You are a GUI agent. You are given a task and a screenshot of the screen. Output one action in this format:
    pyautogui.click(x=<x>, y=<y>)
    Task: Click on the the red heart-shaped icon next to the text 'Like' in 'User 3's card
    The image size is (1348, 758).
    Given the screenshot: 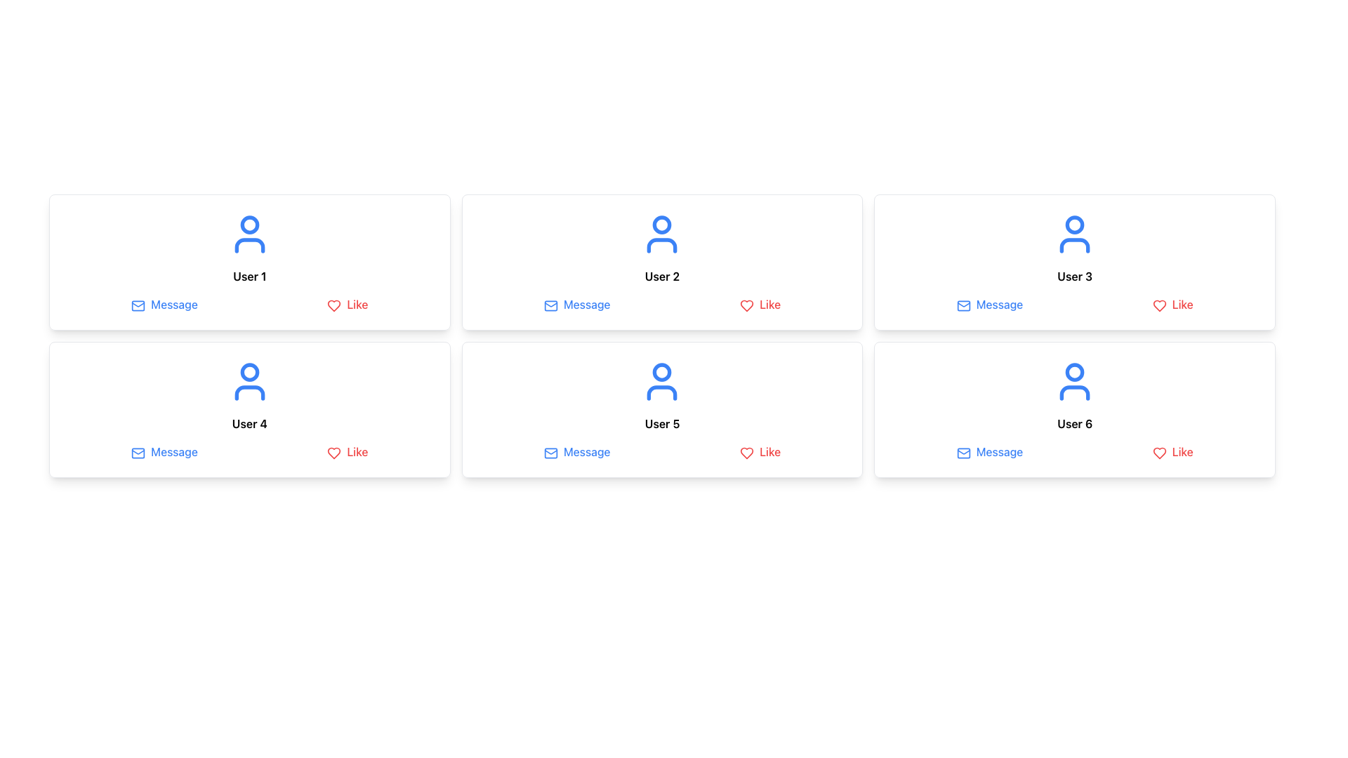 What is the action you would take?
    pyautogui.click(x=1159, y=305)
    